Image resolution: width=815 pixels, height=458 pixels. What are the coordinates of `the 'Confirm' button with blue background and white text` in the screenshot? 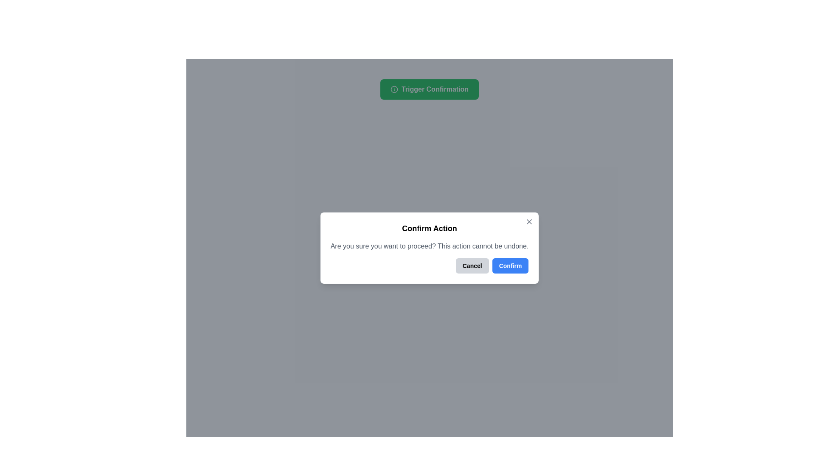 It's located at (510, 265).